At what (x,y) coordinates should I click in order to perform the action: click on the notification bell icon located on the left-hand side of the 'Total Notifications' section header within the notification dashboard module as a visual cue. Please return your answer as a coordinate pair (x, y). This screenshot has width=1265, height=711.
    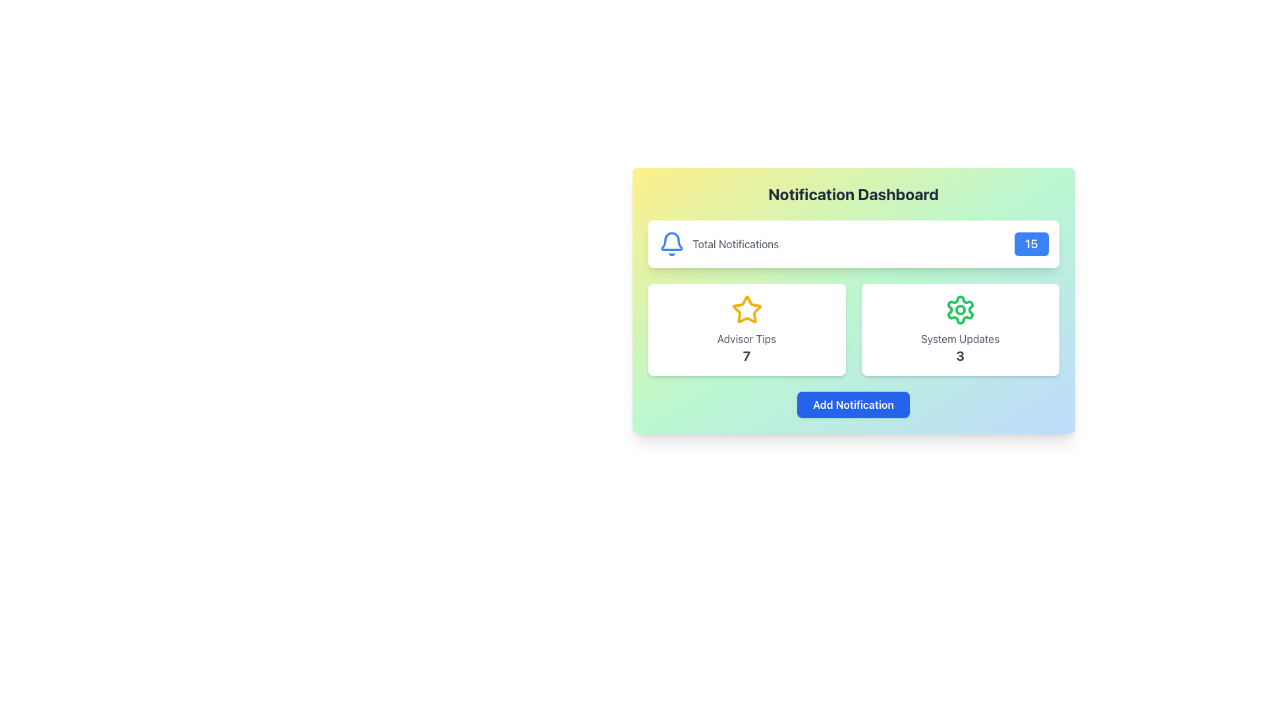
    Looking at the image, I should click on (671, 241).